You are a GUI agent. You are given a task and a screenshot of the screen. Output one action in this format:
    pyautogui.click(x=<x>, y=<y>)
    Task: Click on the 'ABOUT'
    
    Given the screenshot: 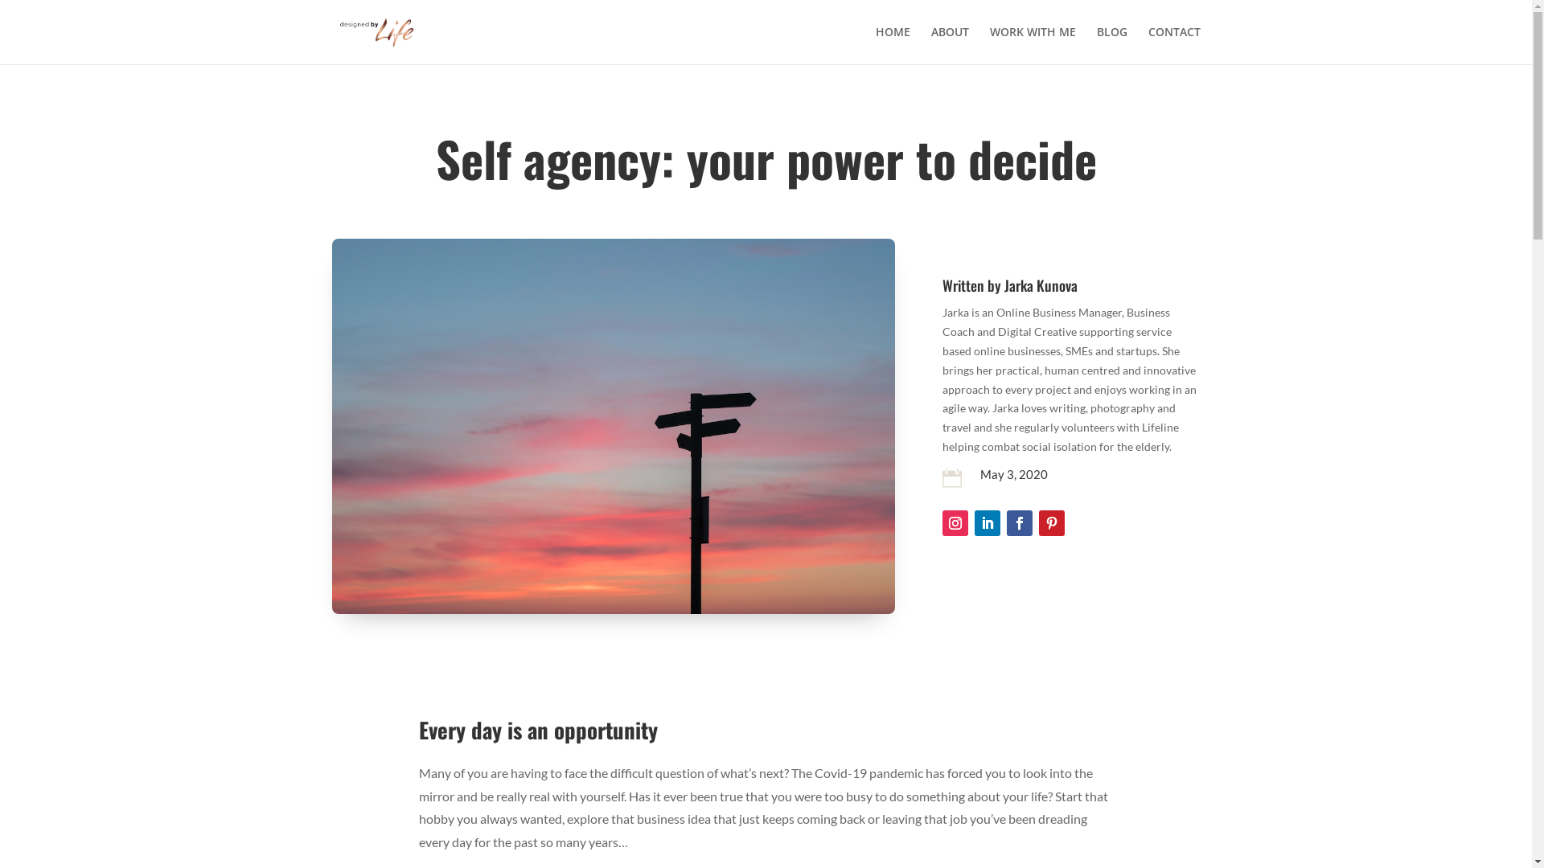 What is the action you would take?
    pyautogui.click(x=950, y=44)
    